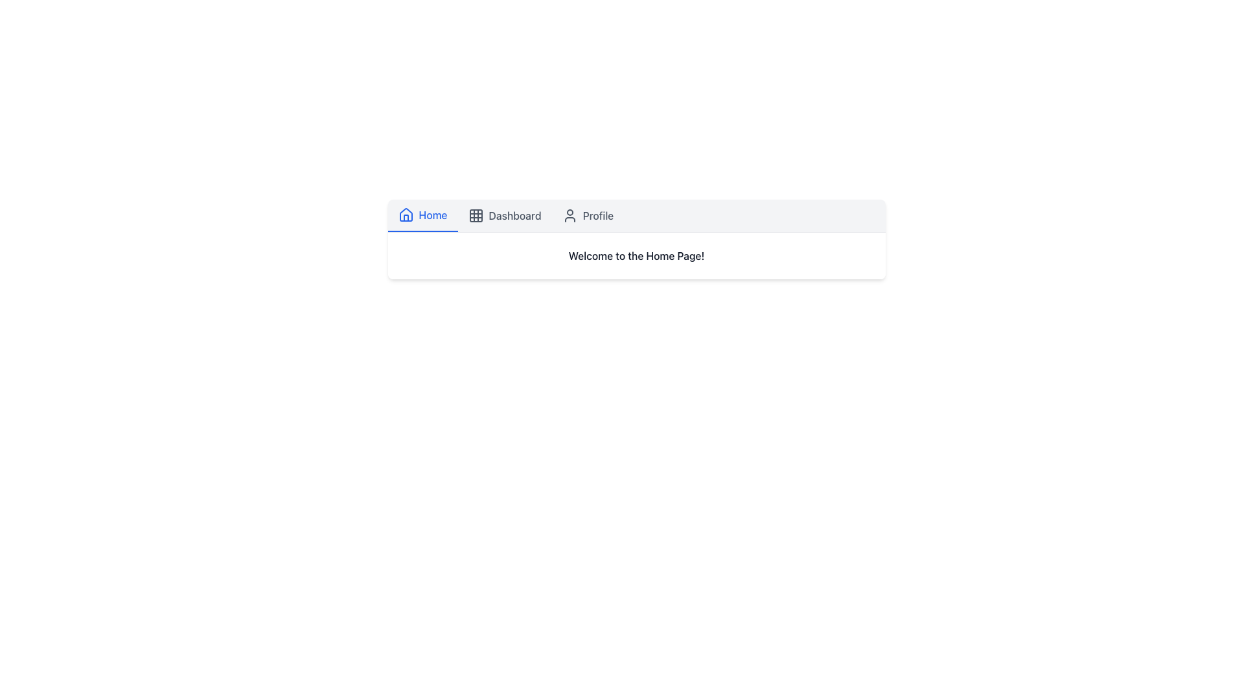  What do you see at coordinates (636, 215) in the screenshot?
I see `the navigation bar located at the top of the section, which contains labels like 'Home', 'Dashboard', and 'Profile' with a light gray background and an active item highlighted in blue` at bounding box center [636, 215].